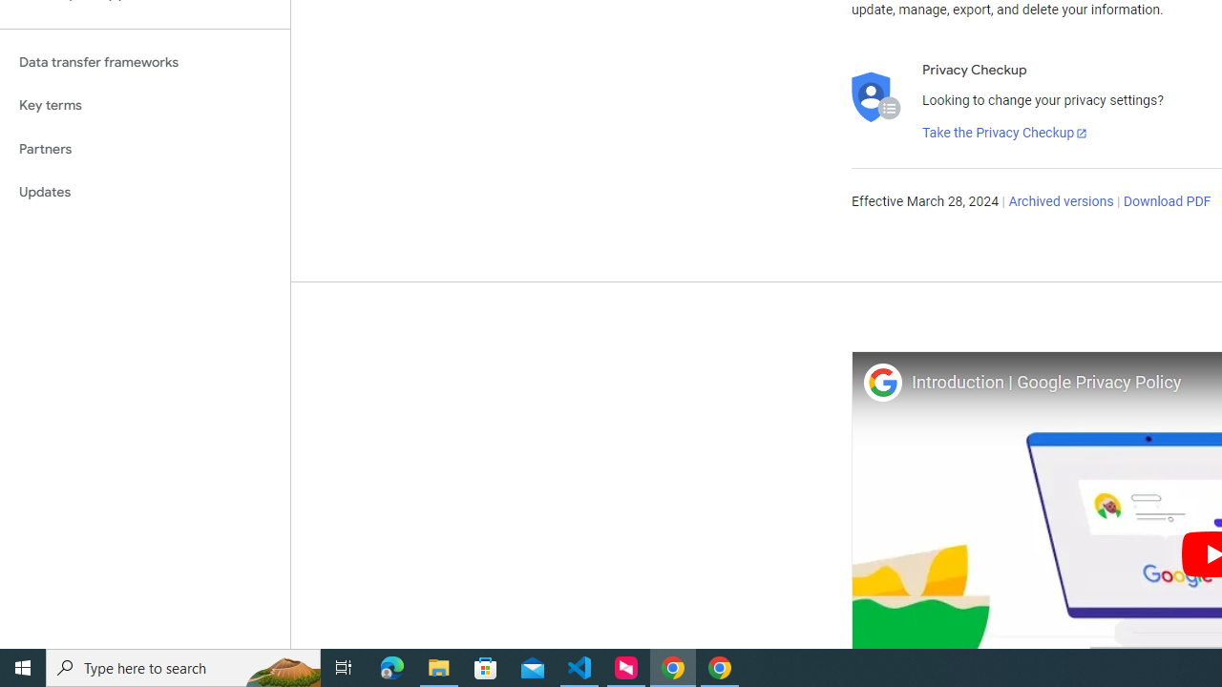 This screenshot has height=687, width=1222. I want to click on 'Take the Privacy Checkup', so click(1004, 133).